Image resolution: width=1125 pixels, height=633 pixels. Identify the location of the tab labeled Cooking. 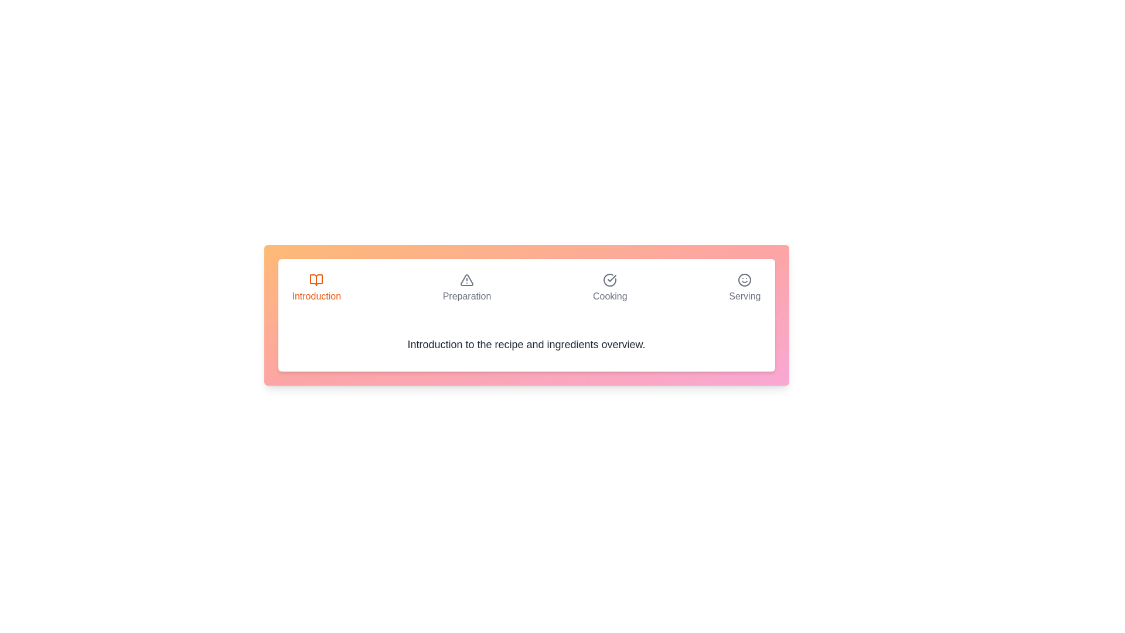
(609, 288).